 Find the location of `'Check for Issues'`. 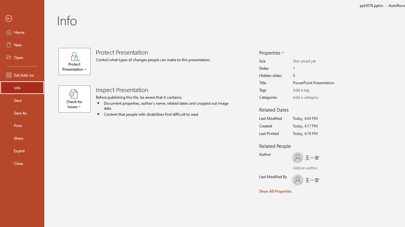

'Check for Issues' is located at coordinates (77, 99).